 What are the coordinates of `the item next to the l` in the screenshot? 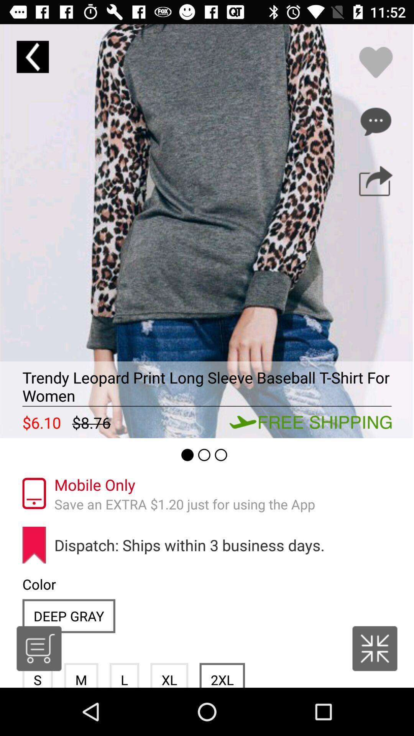 It's located at (169, 675).